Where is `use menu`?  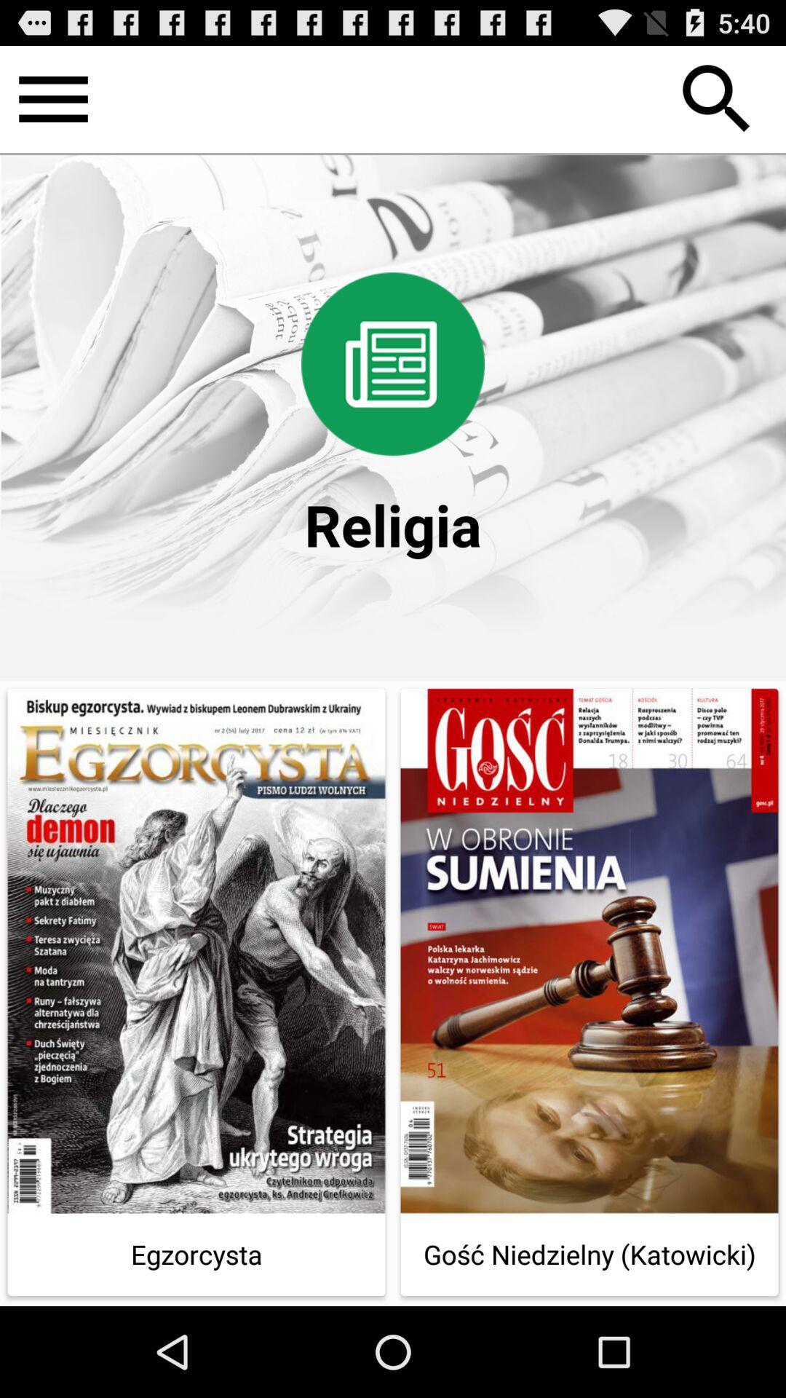
use menu is located at coordinates (52, 98).